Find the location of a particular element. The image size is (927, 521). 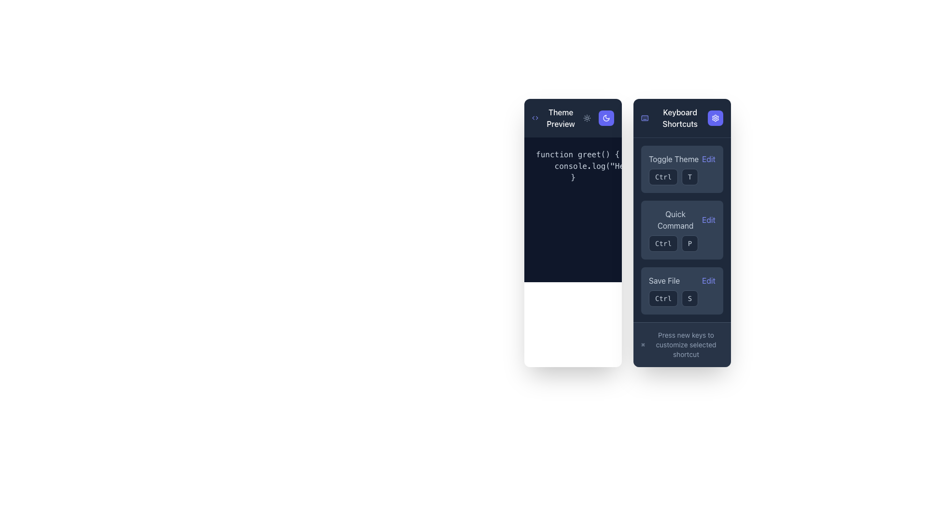

the 'Save File' label, which is a soft slate-gray textual label styled in a modern sans-serif font, located within the 'Save FileEdit' section on the right-side panel is located at coordinates (664, 281).